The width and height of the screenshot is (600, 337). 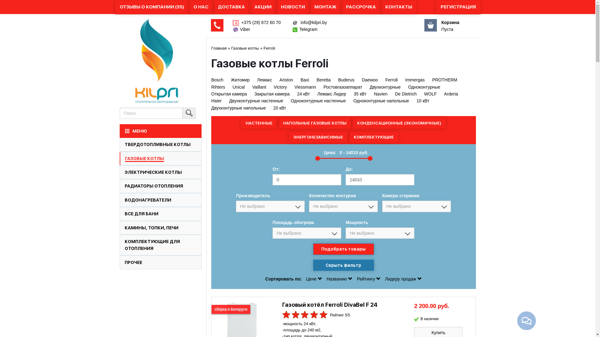 What do you see at coordinates (380, 94) in the screenshot?
I see `'Navien'` at bounding box center [380, 94].